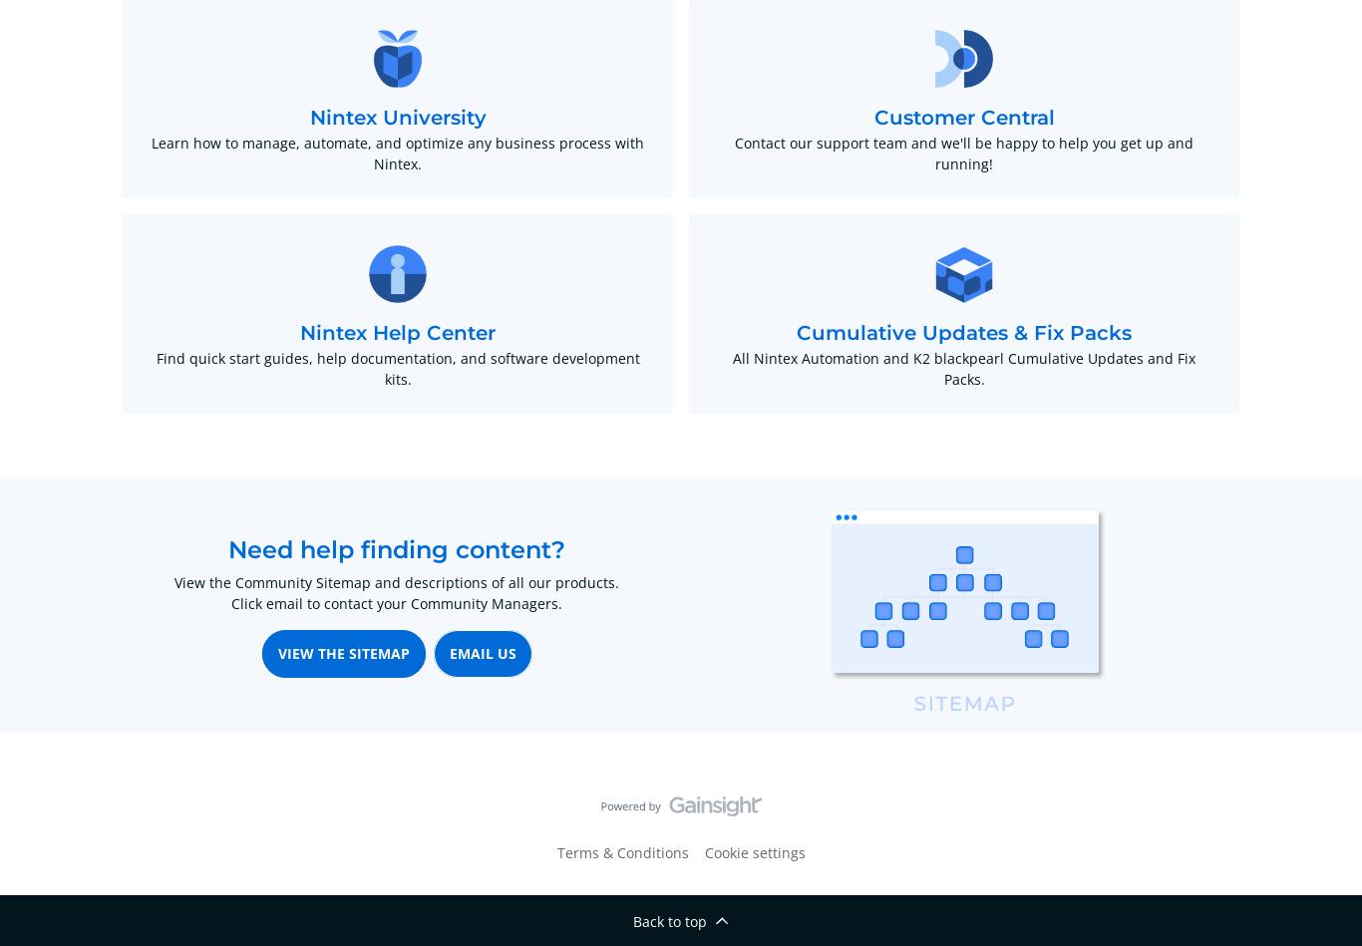  I want to click on 'View the Community Sitemap and descriptions of all our products.', so click(396, 581).